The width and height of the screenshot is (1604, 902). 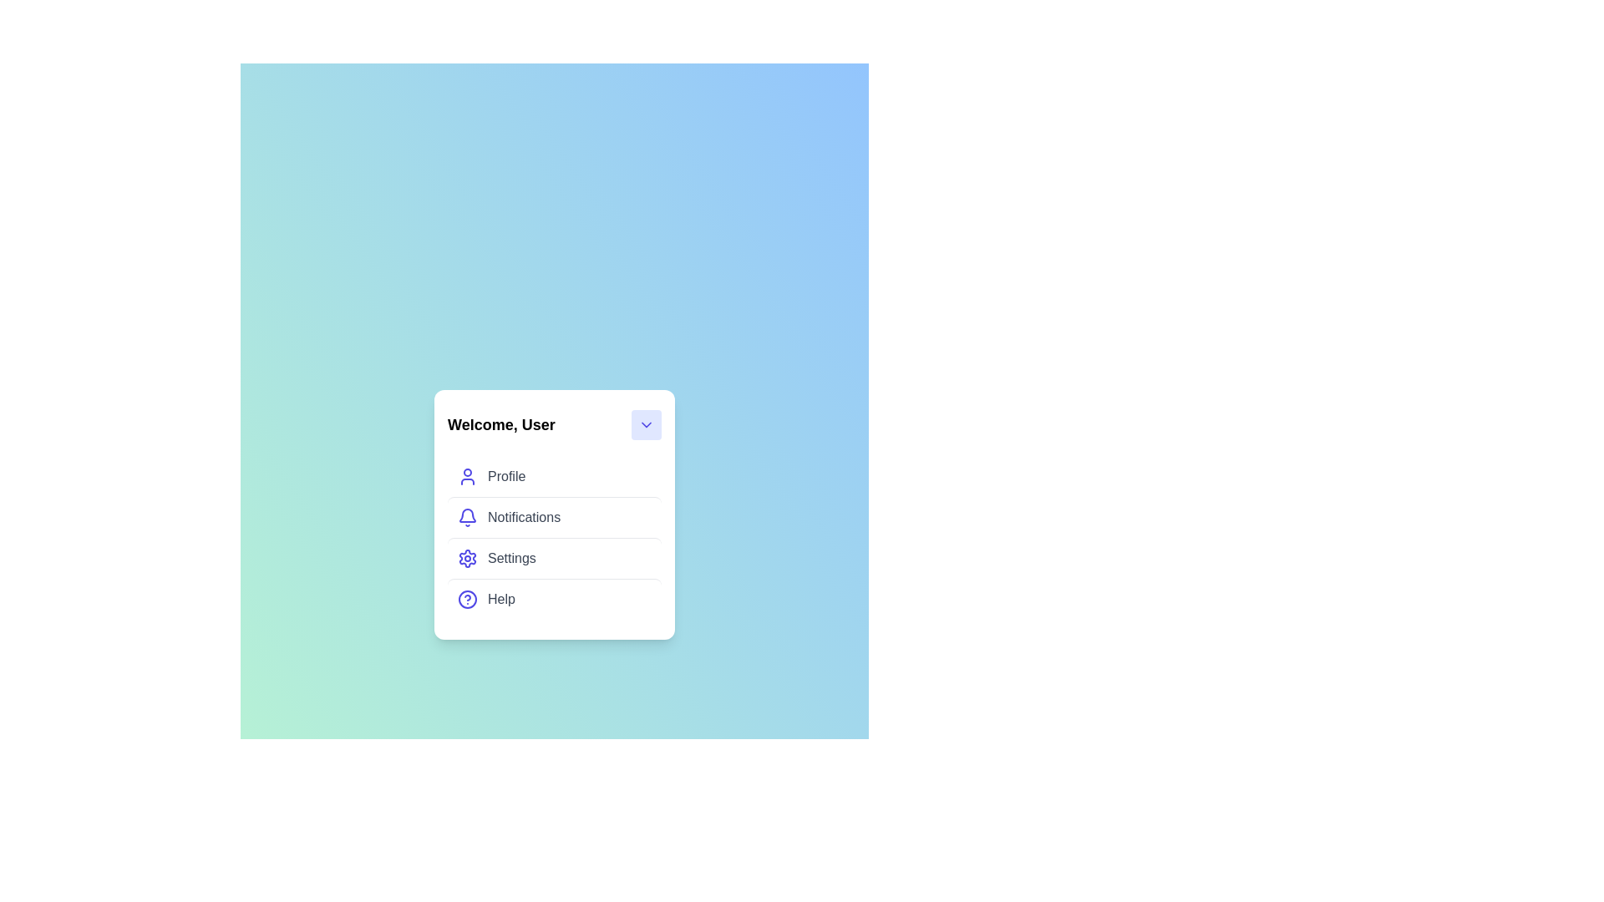 I want to click on the menu item Help in the UserProfileMenu, so click(x=554, y=598).